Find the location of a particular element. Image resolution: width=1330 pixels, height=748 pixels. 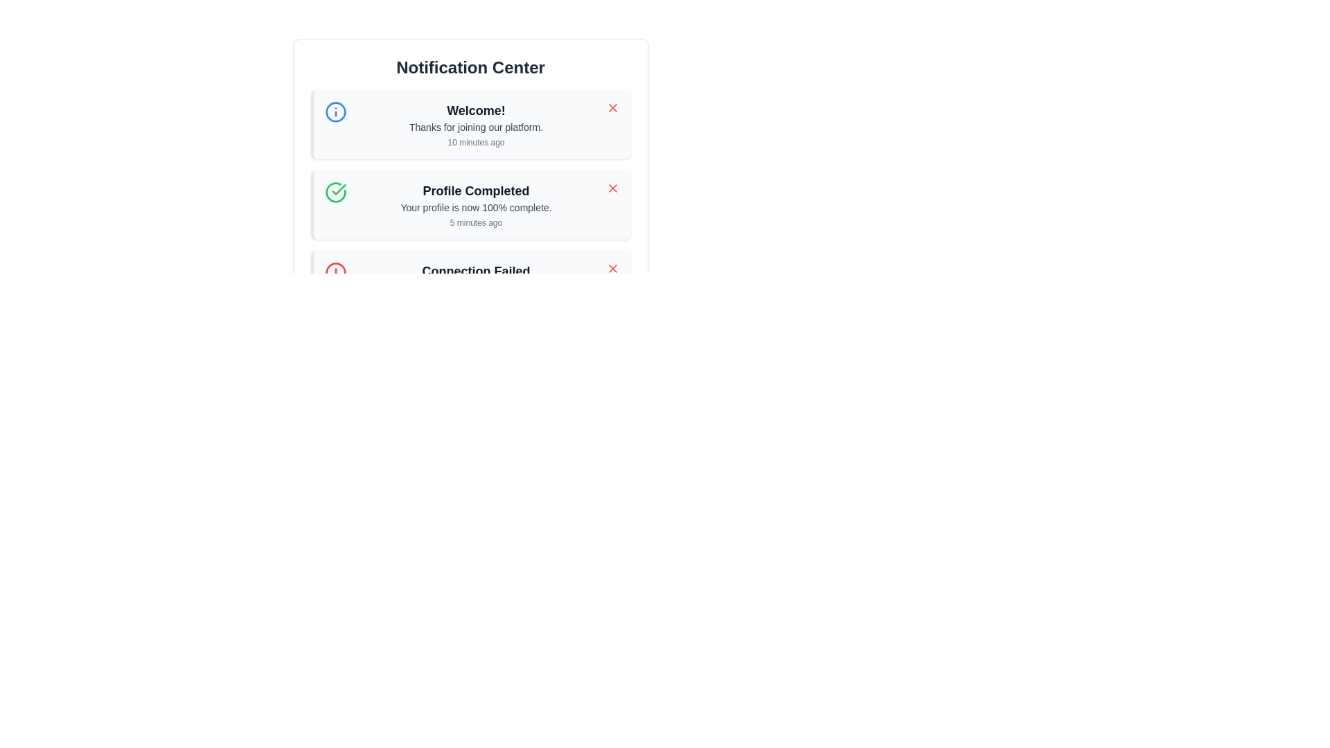

the green checkmark icon located within the circular outline, which is the second item in the 'Profile Completed' notification card list is located at coordinates (339, 189).